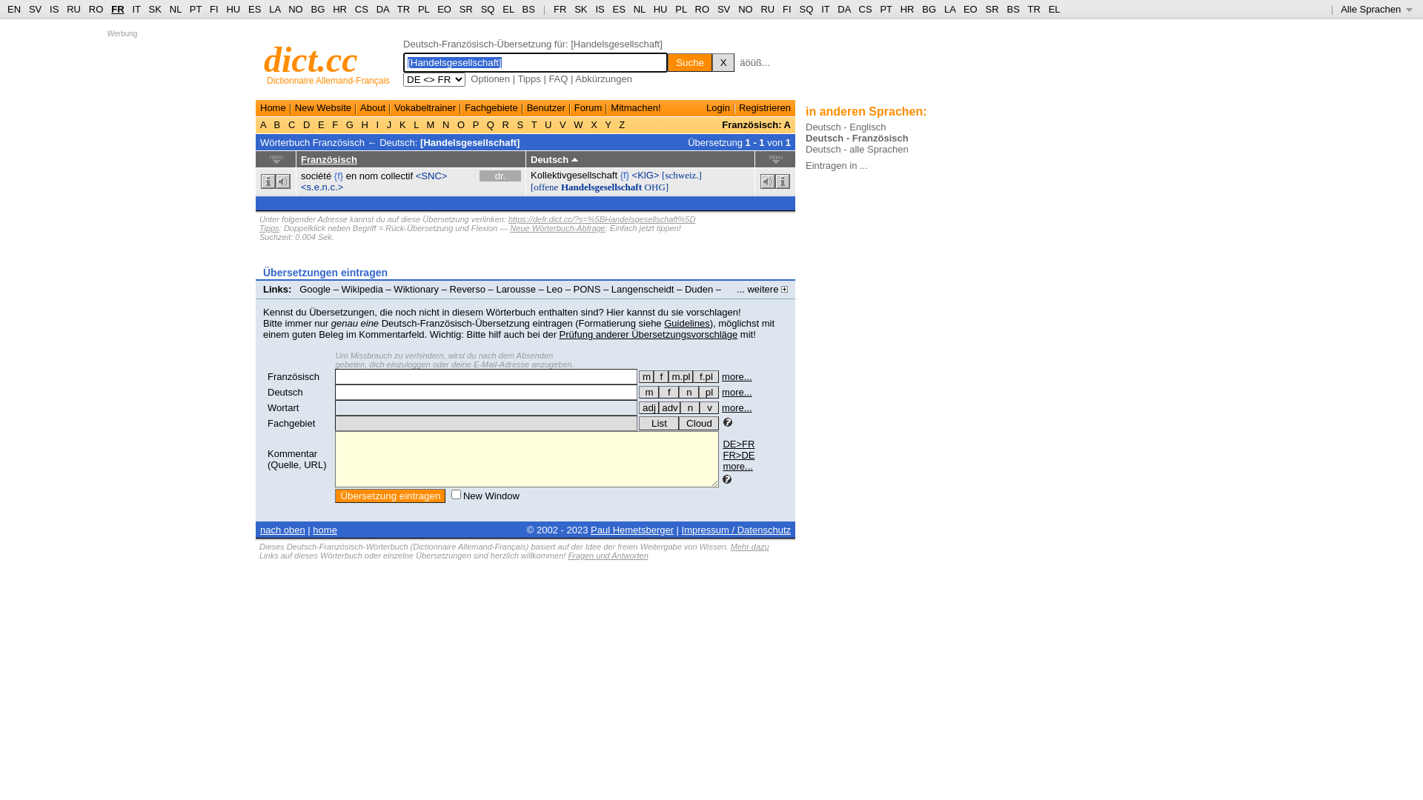 Image resolution: width=1423 pixels, height=800 pixels. I want to click on 'HR', so click(332, 9).